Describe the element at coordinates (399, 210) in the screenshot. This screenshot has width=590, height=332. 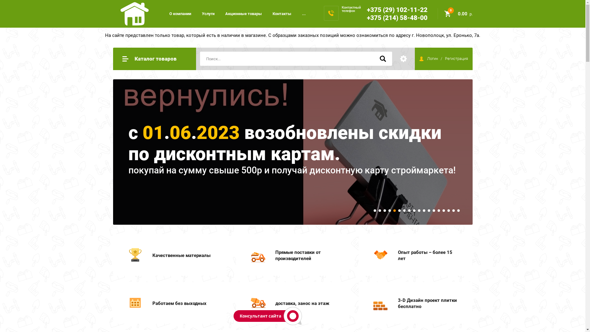
I see `'6'` at that location.